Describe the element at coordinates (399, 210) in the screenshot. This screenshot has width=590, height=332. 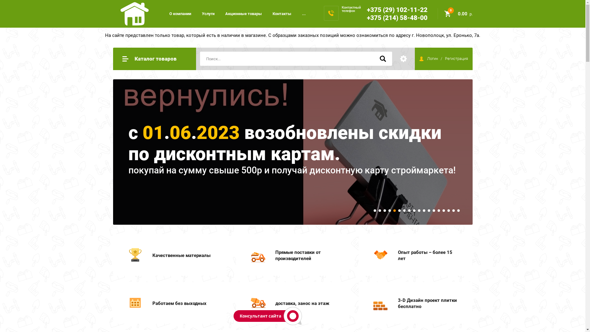
I see `'6'` at that location.